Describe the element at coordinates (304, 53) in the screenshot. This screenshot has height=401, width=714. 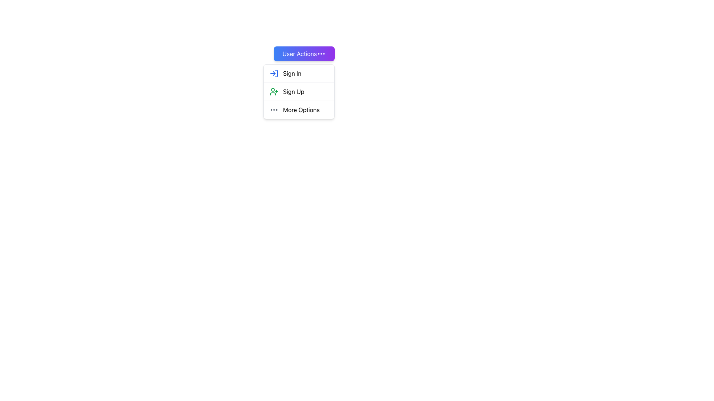
I see `the Dropdown Trigger Button located at the top center of the dropdown menu` at that location.